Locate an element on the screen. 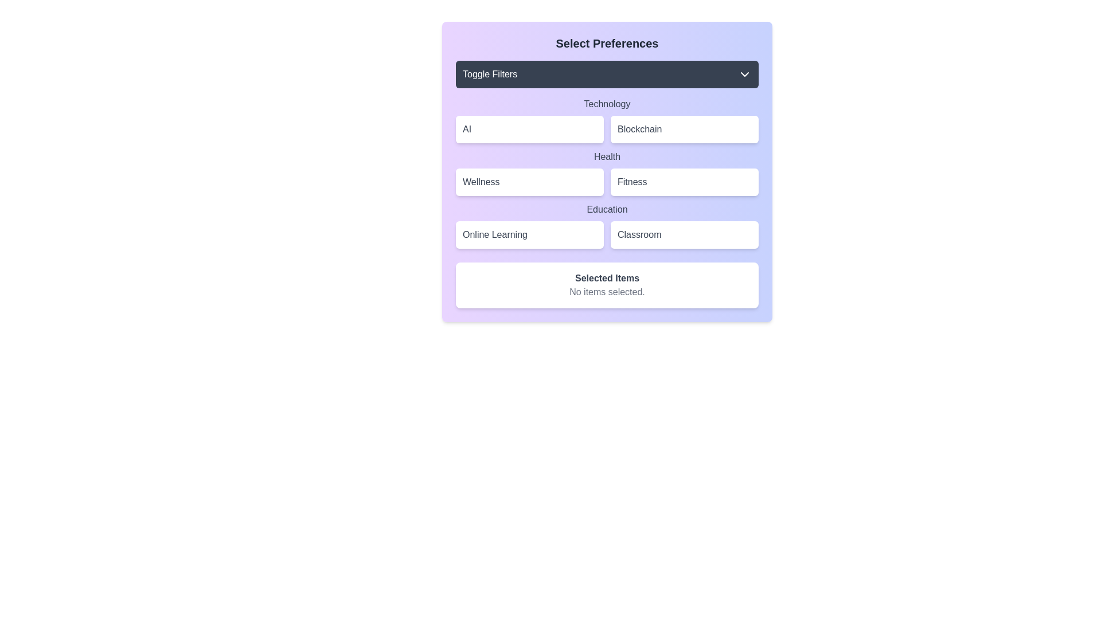  the 'Online Learning' button, which is a rectangular button with rounded corners and a white background is located at coordinates (529, 234).